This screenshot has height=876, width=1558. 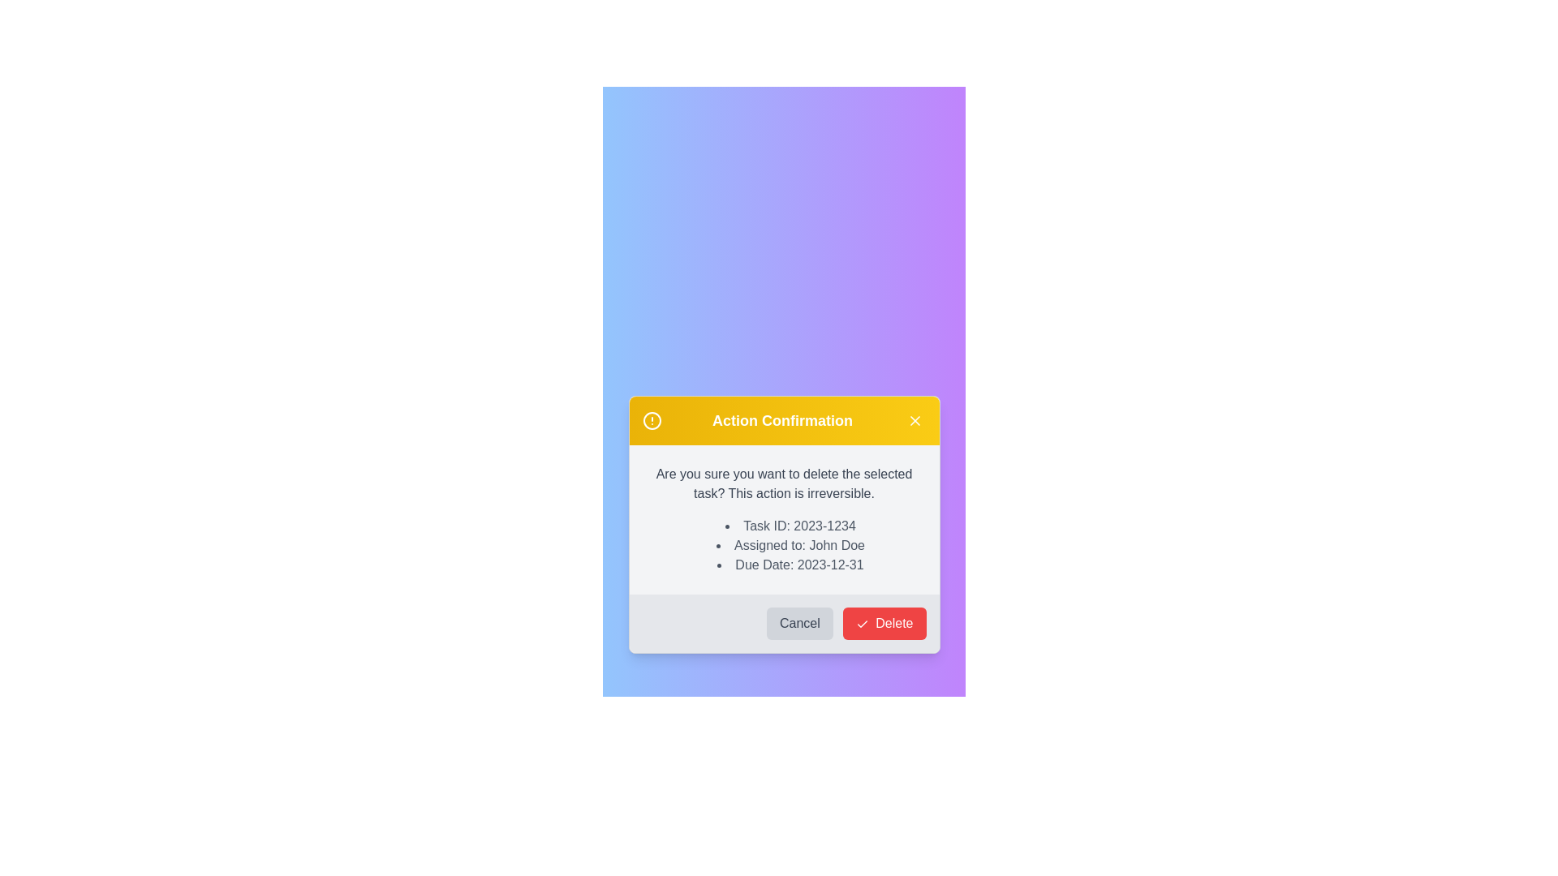 What do you see at coordinates (784, 545) in the screenshot?
I see `the text display with a bulleted list containing 'Task ID: 2023-1234', 'Assigned to: John Doe', and 'Due Date: 2023-12-31', located in the modal dialog box below the confirmation text` at bounding box center [784, 545].